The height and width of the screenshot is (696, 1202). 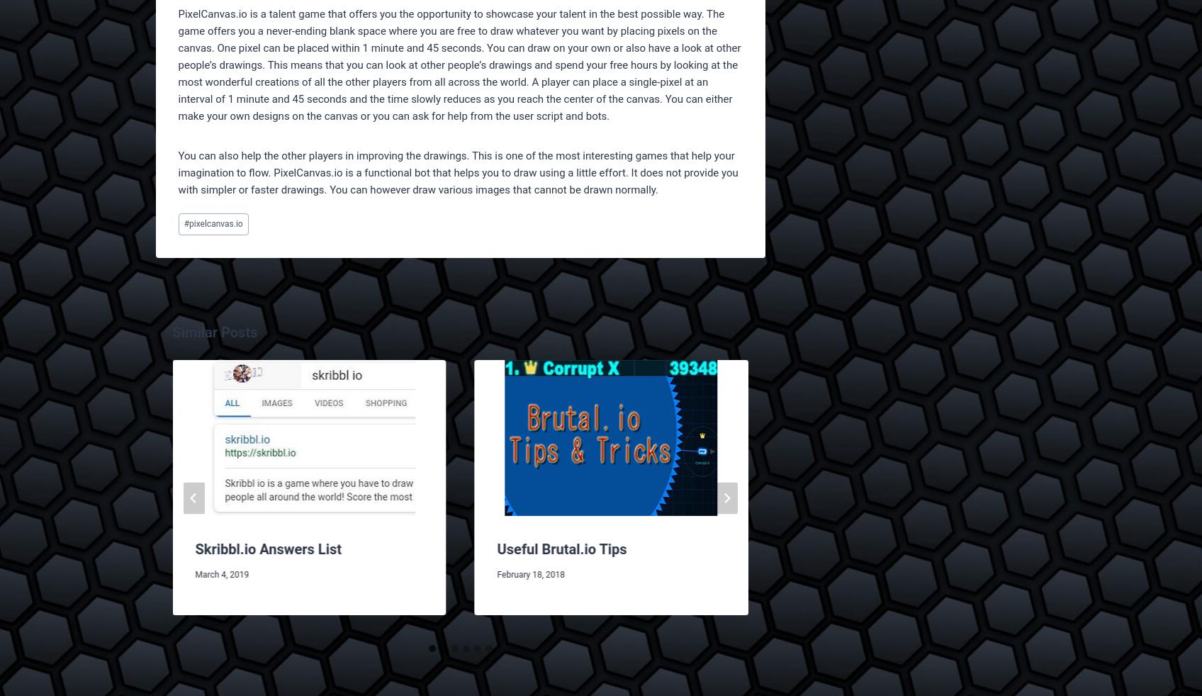 What do you see at coordinates (561, 549) in the screenshot?
I see `'Useful Brutal.io Tips'` at bounding box center [561, 549].